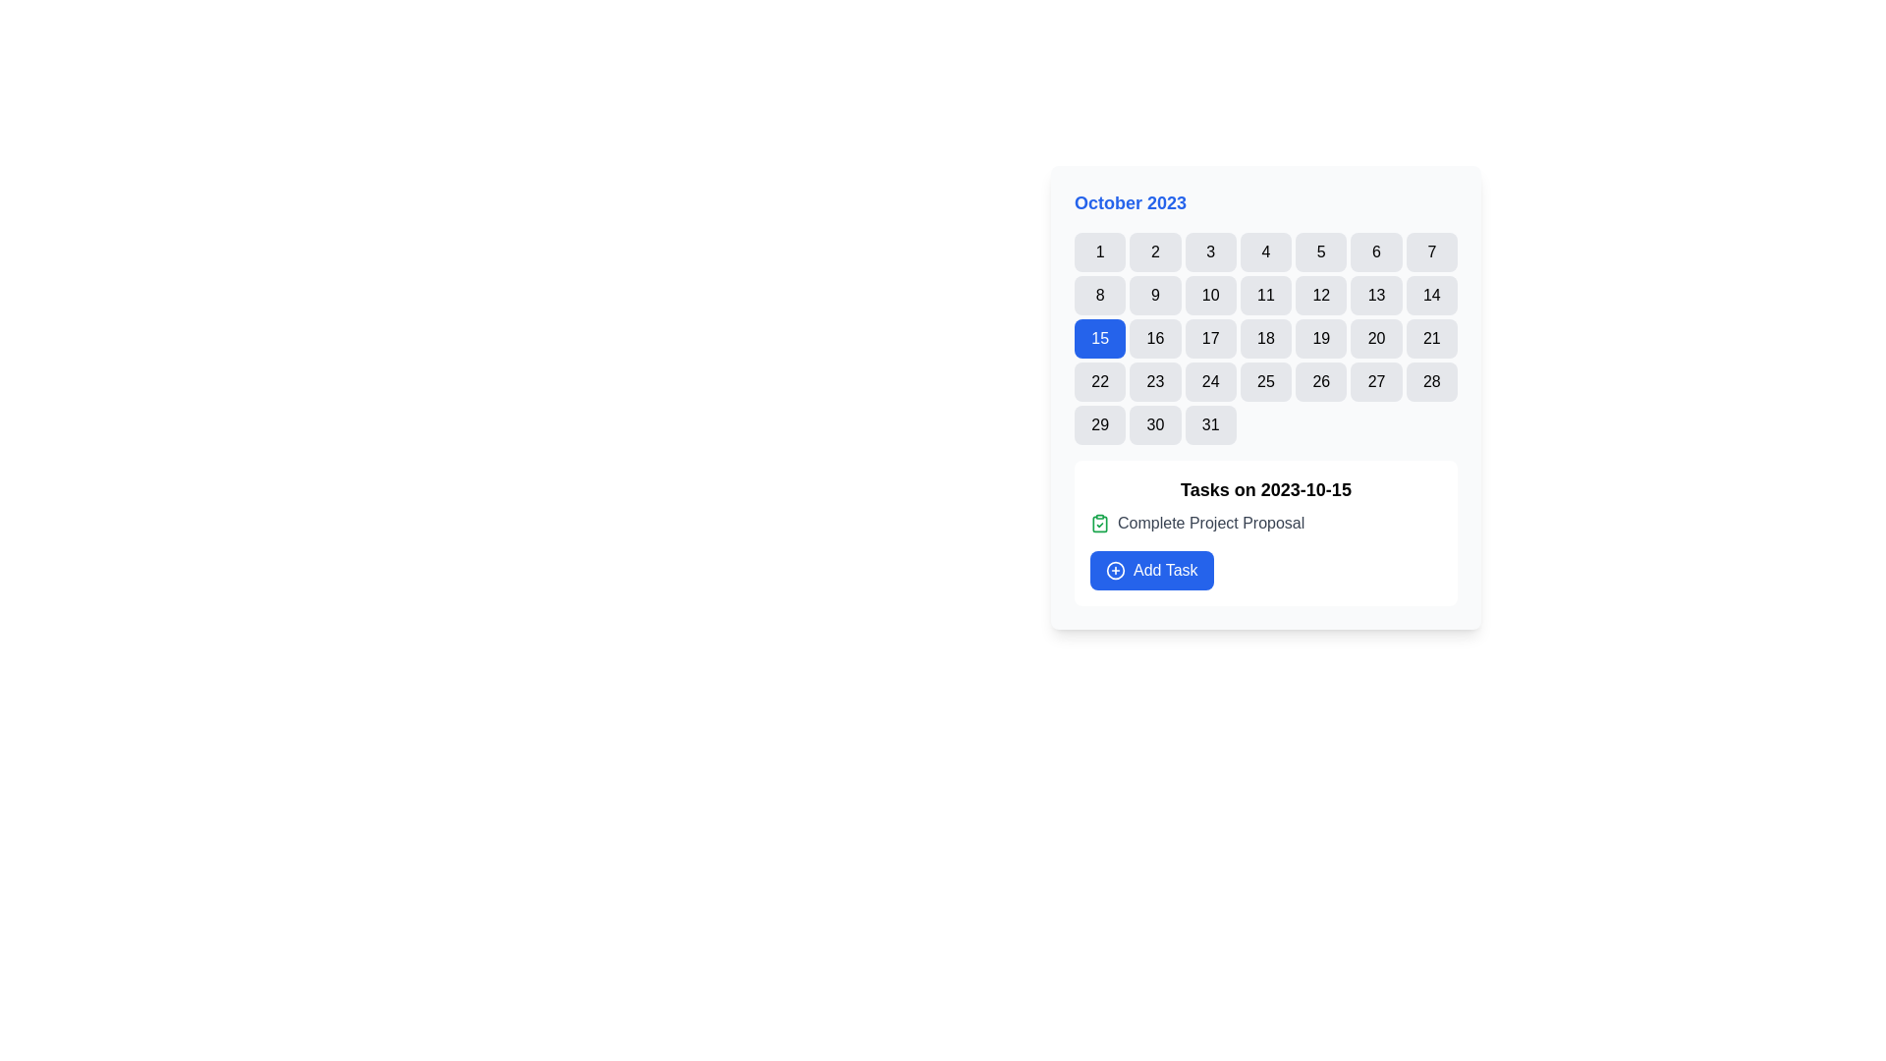 The image size is (1886, 1061). Describe the element at coordinates (1266, 522) in the screenshot. I see `the label indicating the completed task 'Complete Project Proposal'` at that location.